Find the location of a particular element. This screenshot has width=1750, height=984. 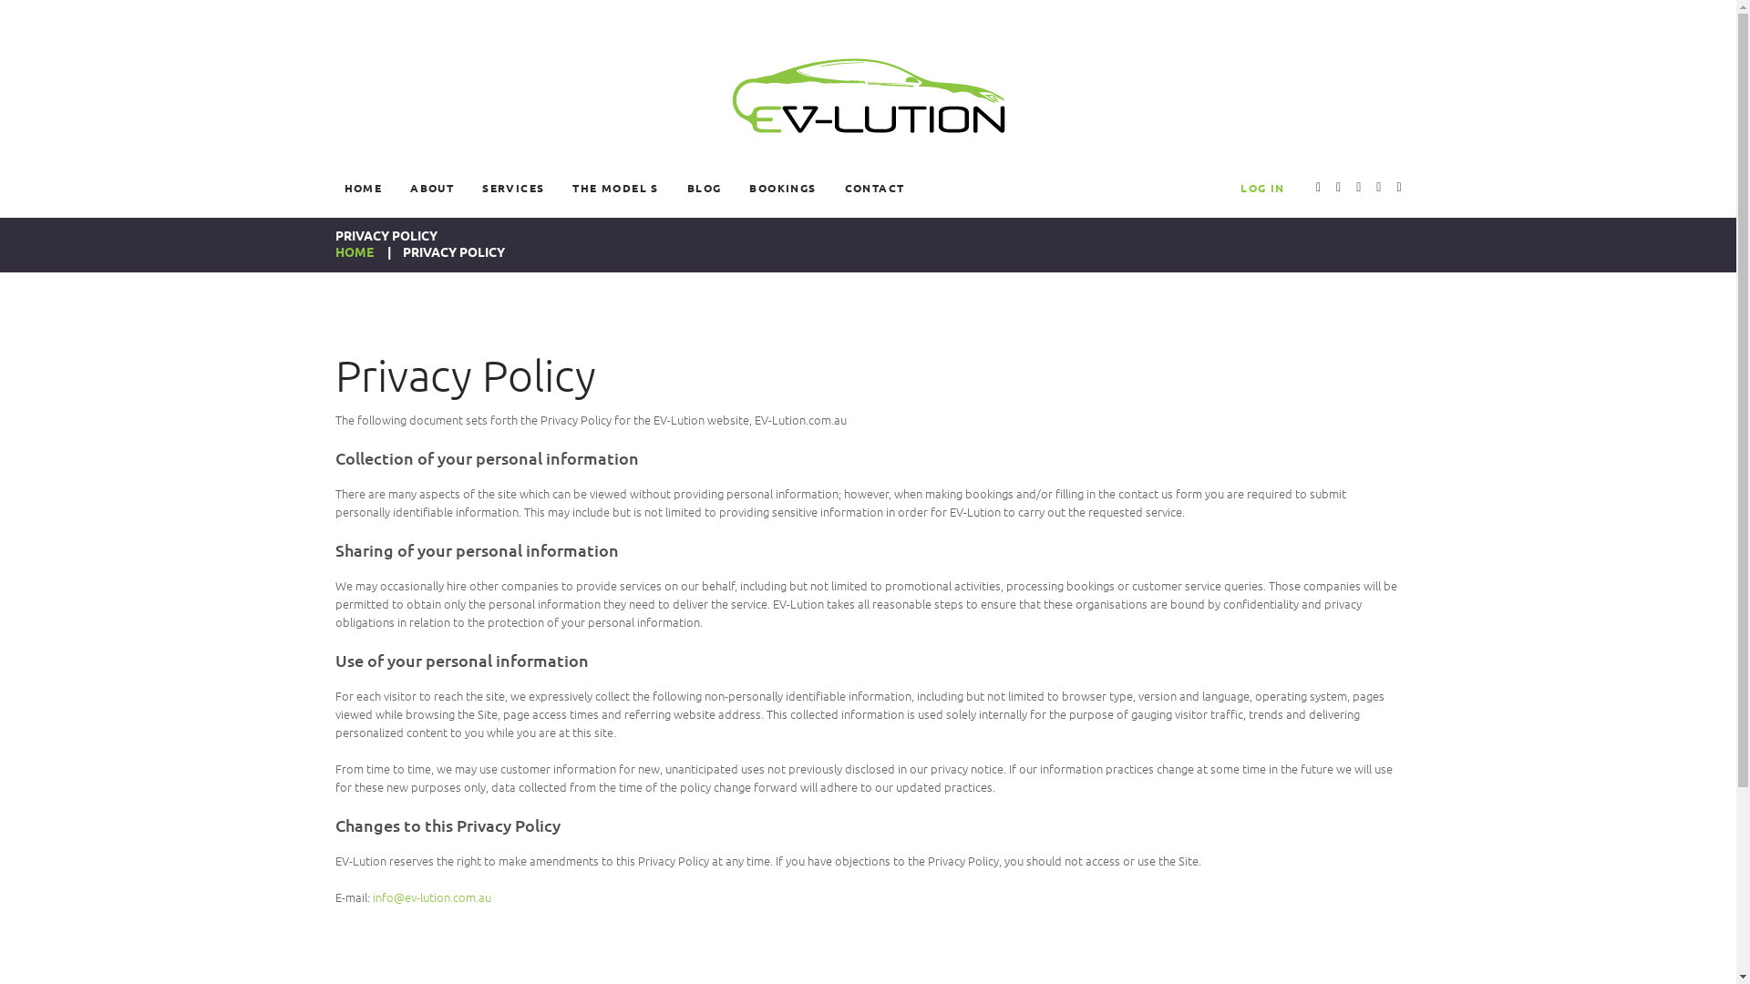

'info@ev-lution.com.au' is located at coordinates (430, 896).